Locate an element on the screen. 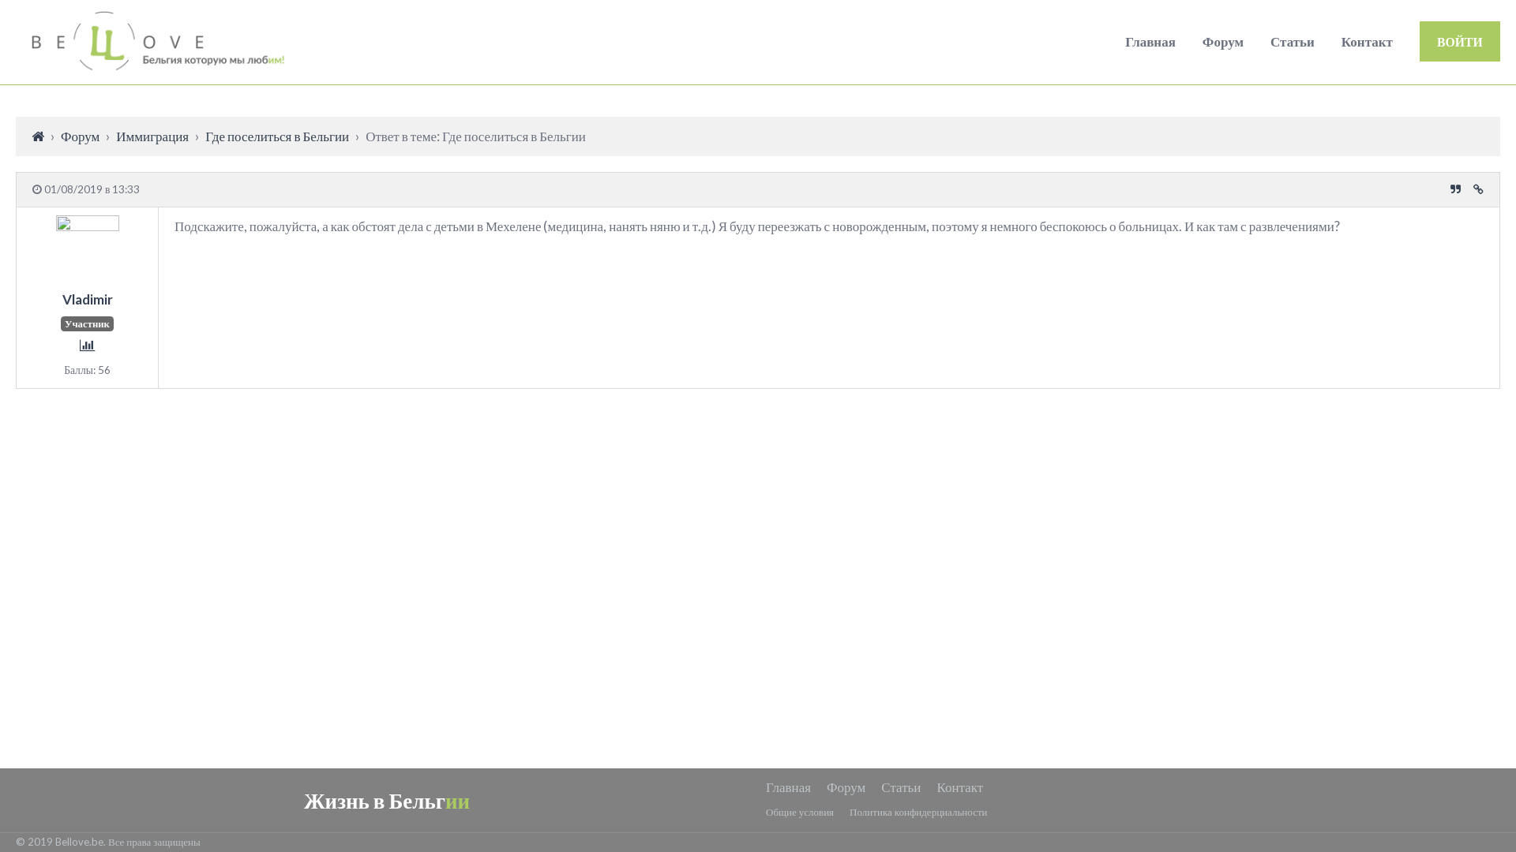 The image size is (1516, 852). 'Vladimir' is located at coordinates (86, 309).